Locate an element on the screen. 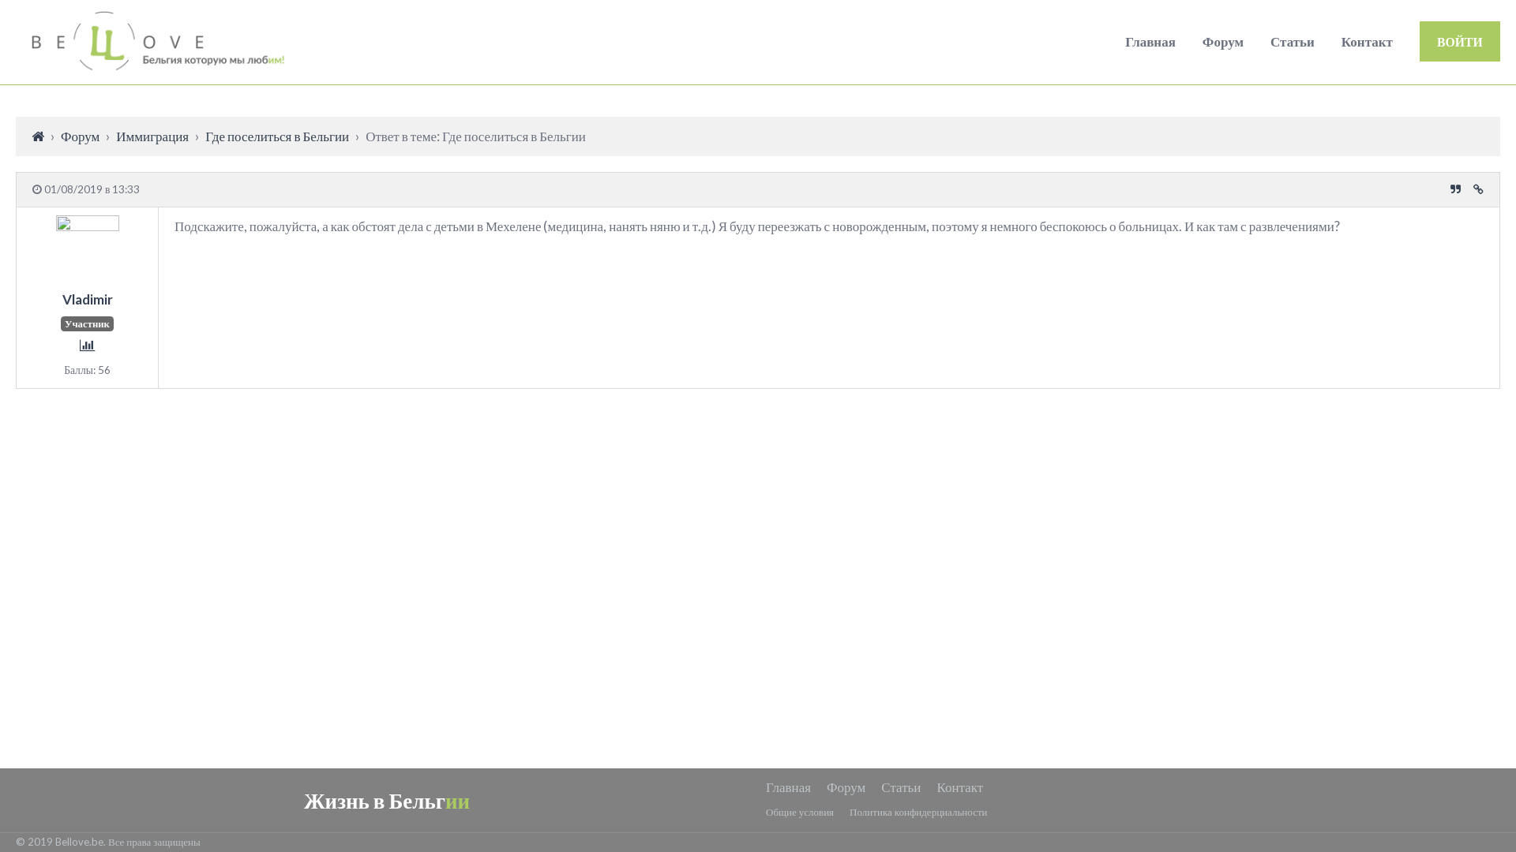 The image size is (1516, 852). 'Vladimir' is located at coordinates (86, 309).